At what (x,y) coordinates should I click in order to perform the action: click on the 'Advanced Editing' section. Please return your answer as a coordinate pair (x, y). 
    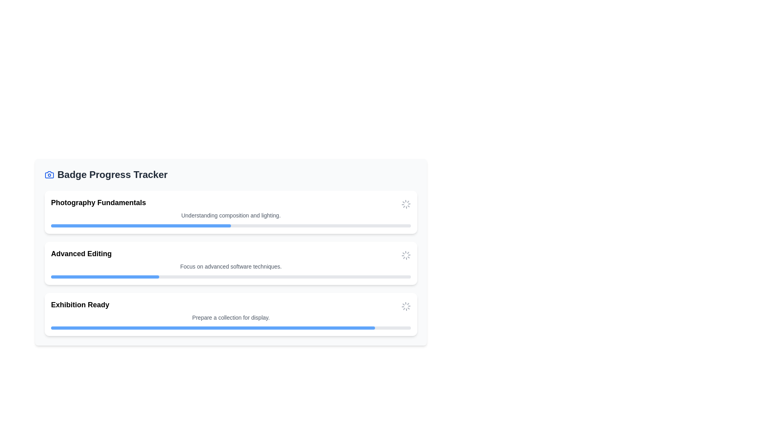
    Looking at the image, I should click on (231, 255).